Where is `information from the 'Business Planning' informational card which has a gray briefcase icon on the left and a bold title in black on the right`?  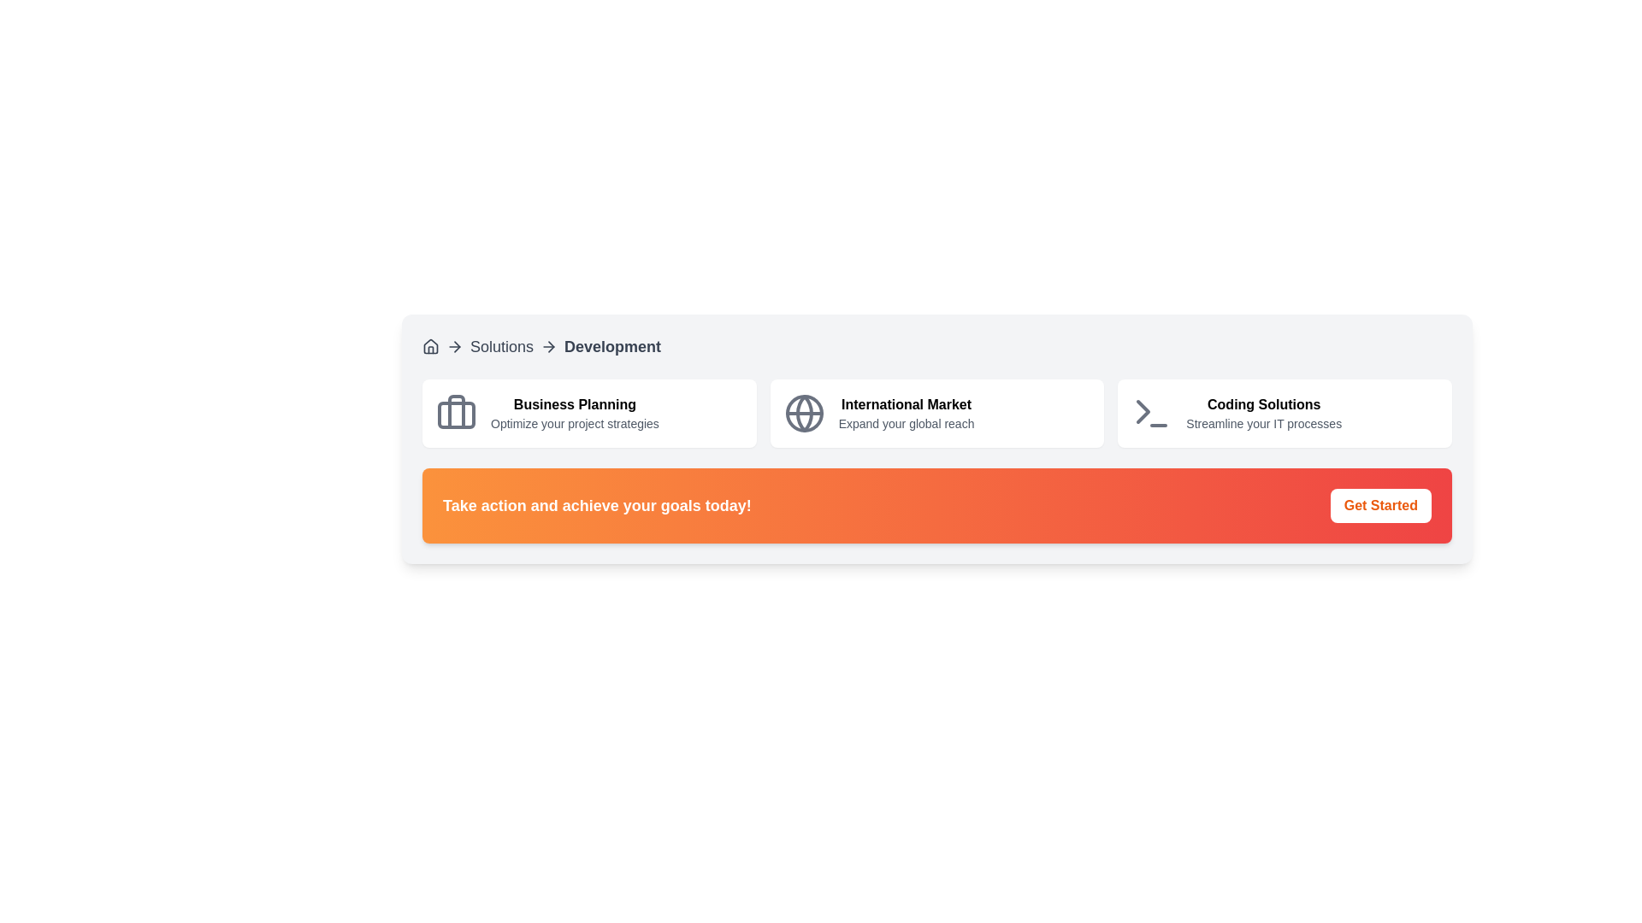 information from the 'Business Planning' informational card which has a gray briefcase icon on the left and a bold title in black on the right is located at coordinates (589, 413).